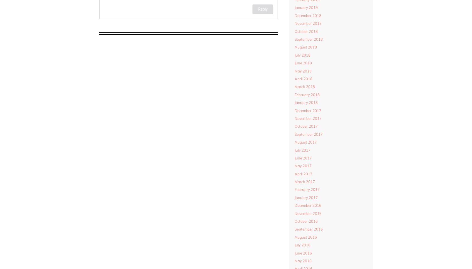 The image size is (472, 269). Describe the element at coordinates (302, 149) in the screenshot. I see `'July 2017'` at that location.